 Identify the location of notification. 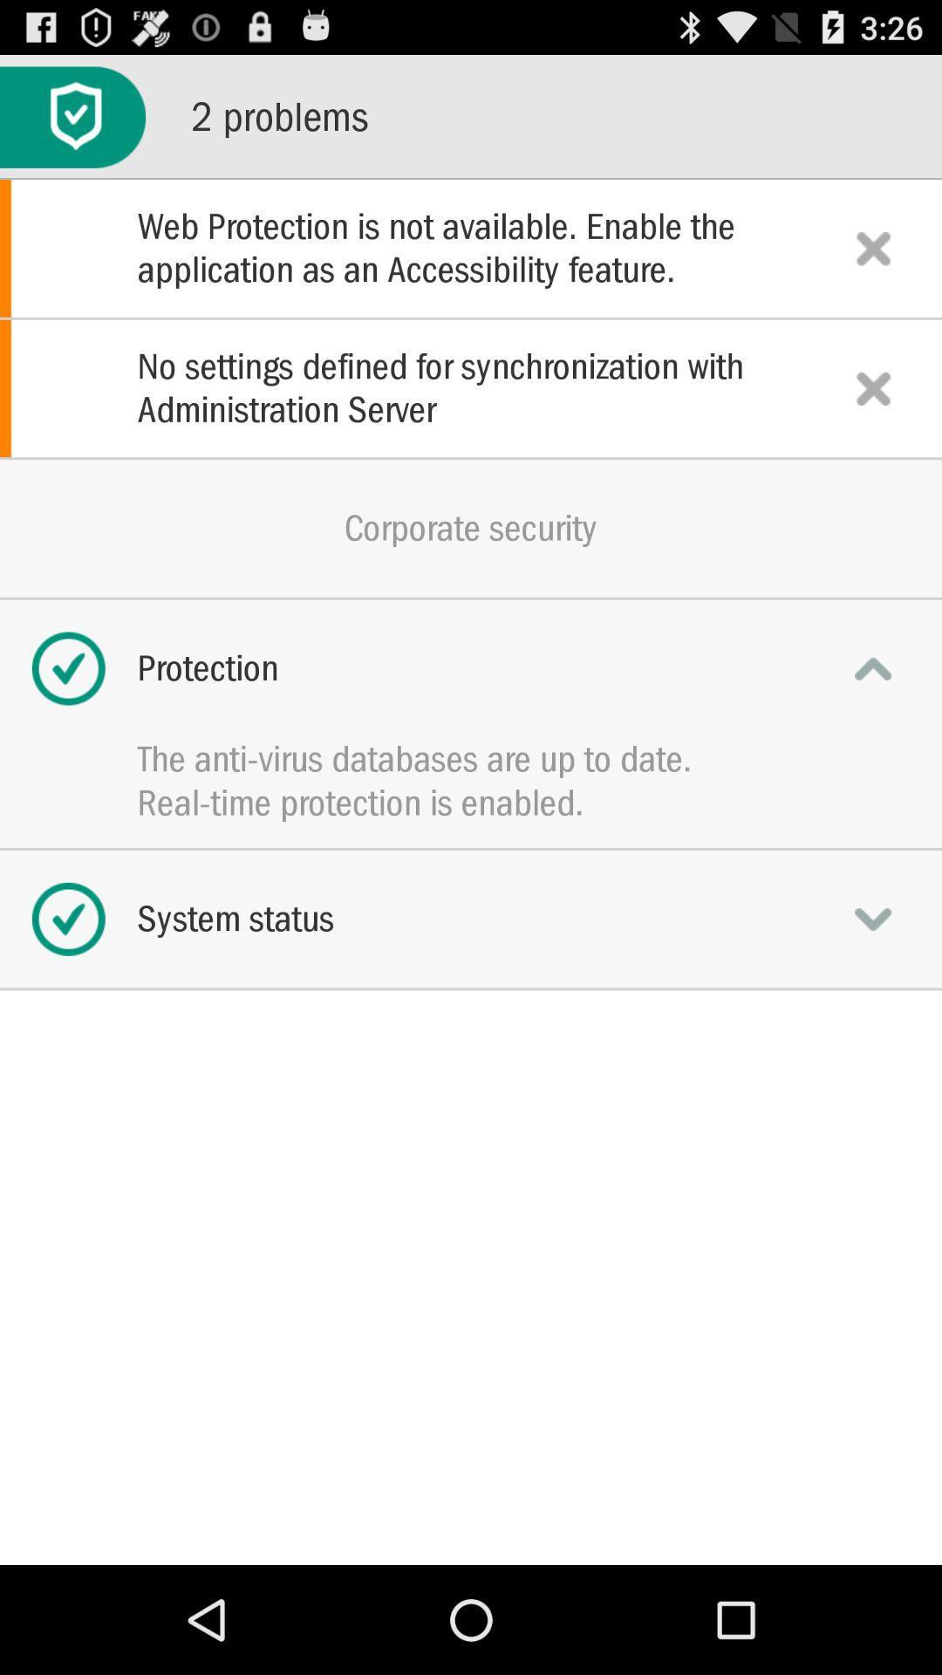
(873, 247).